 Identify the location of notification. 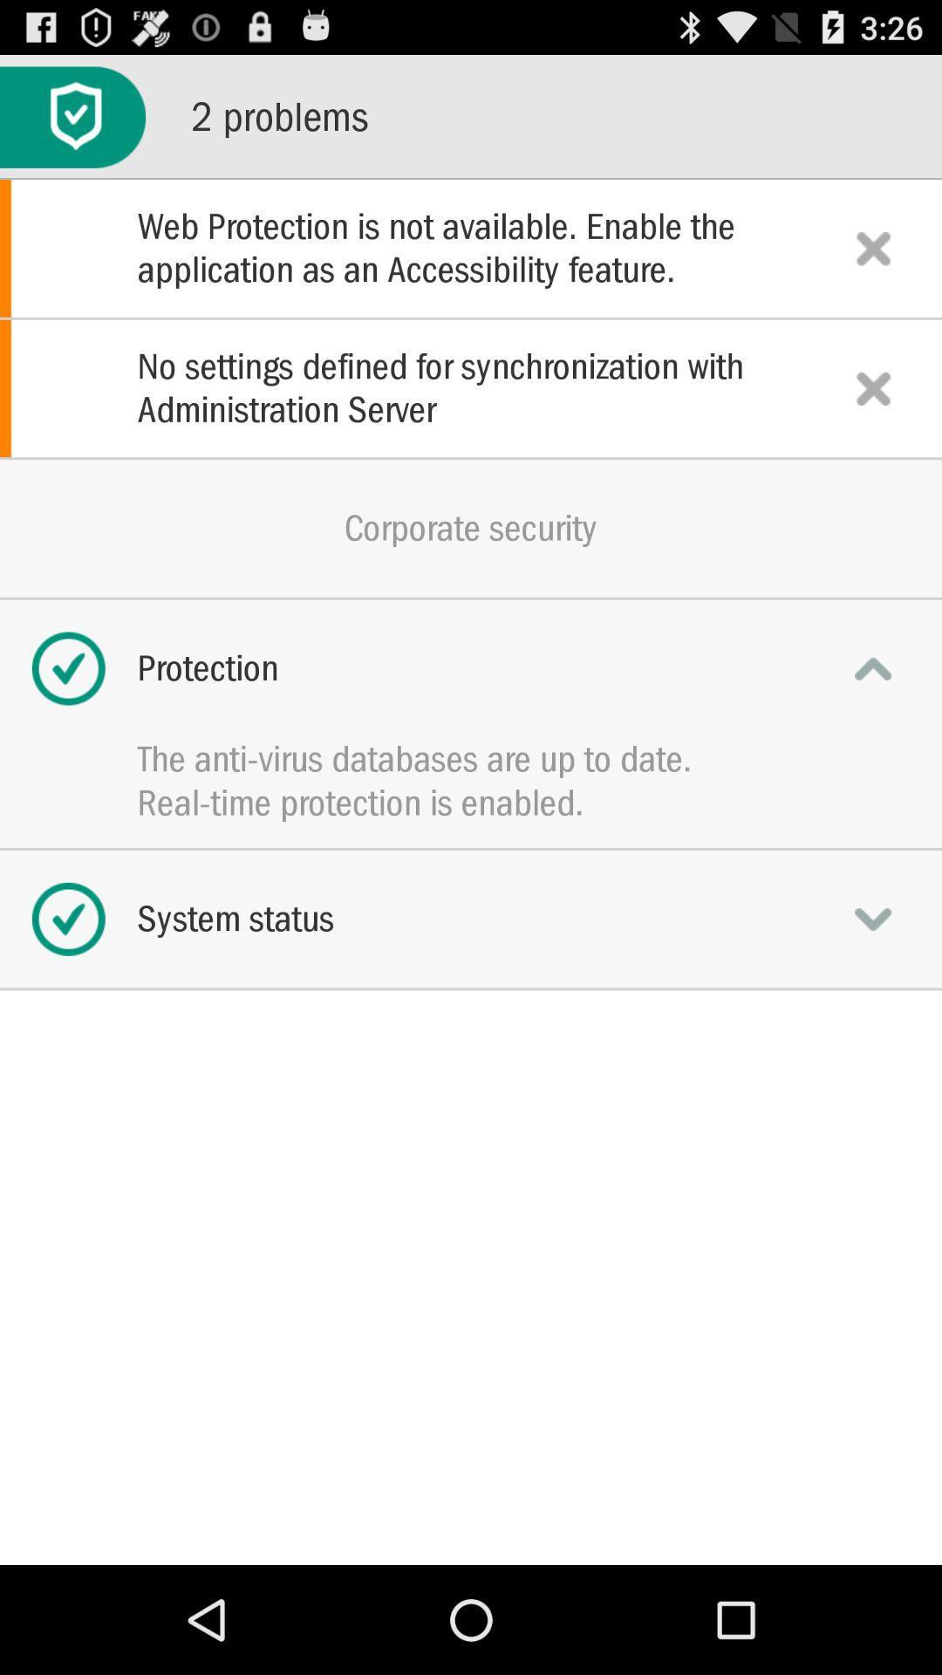
(873, 247).